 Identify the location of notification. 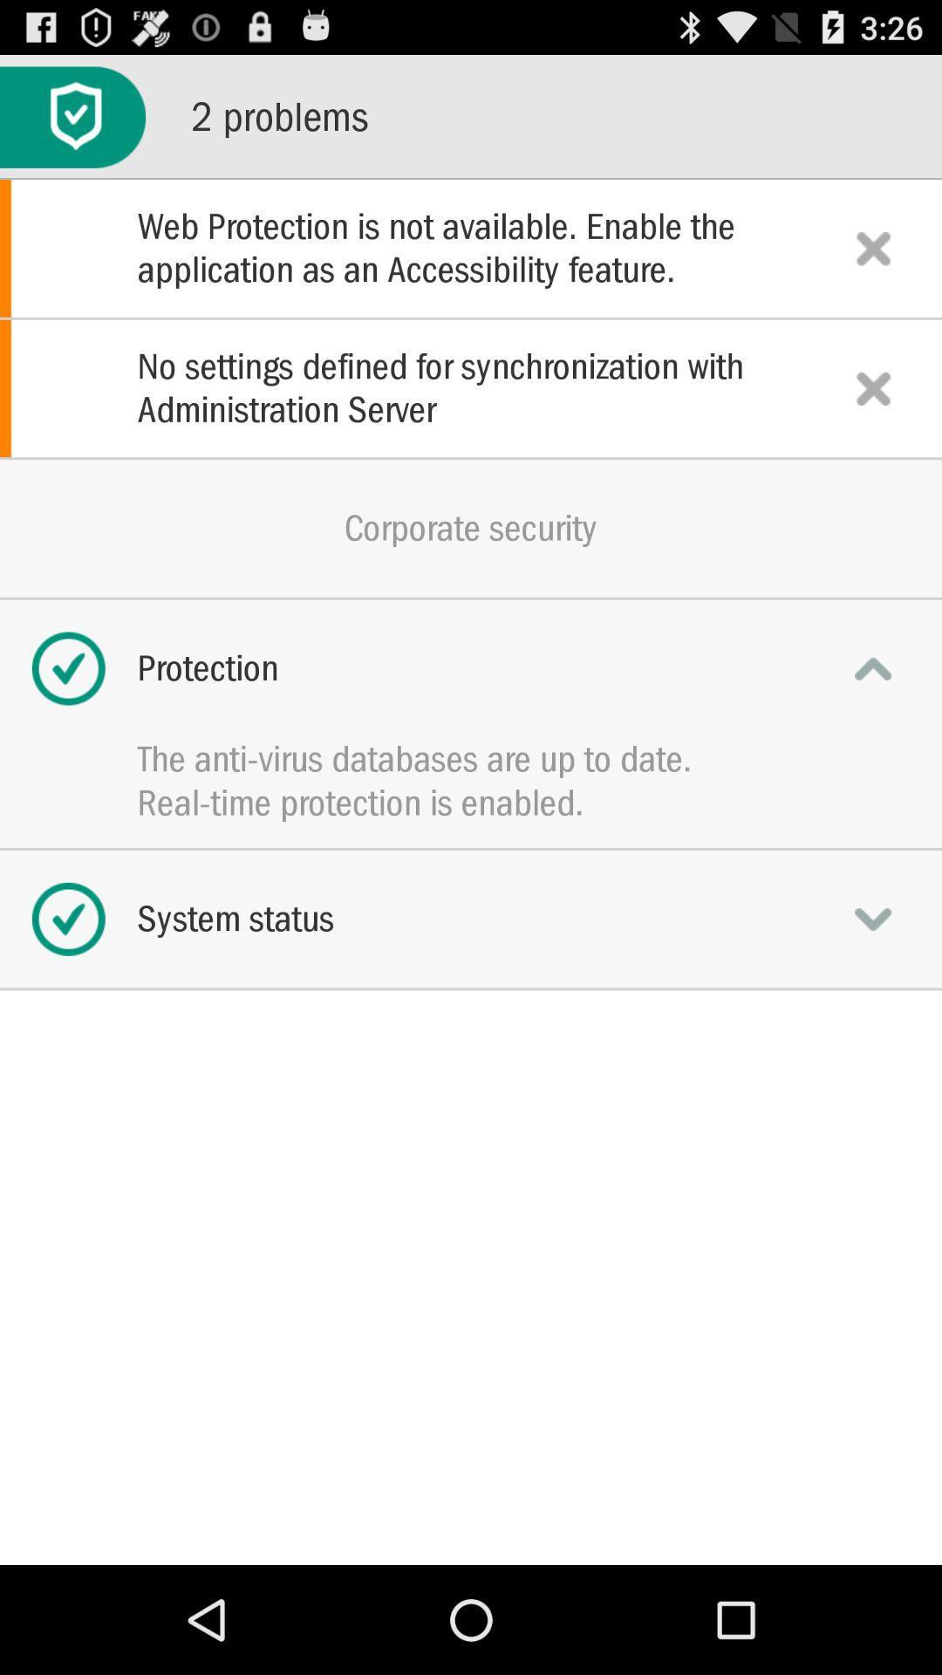
(873, 247).